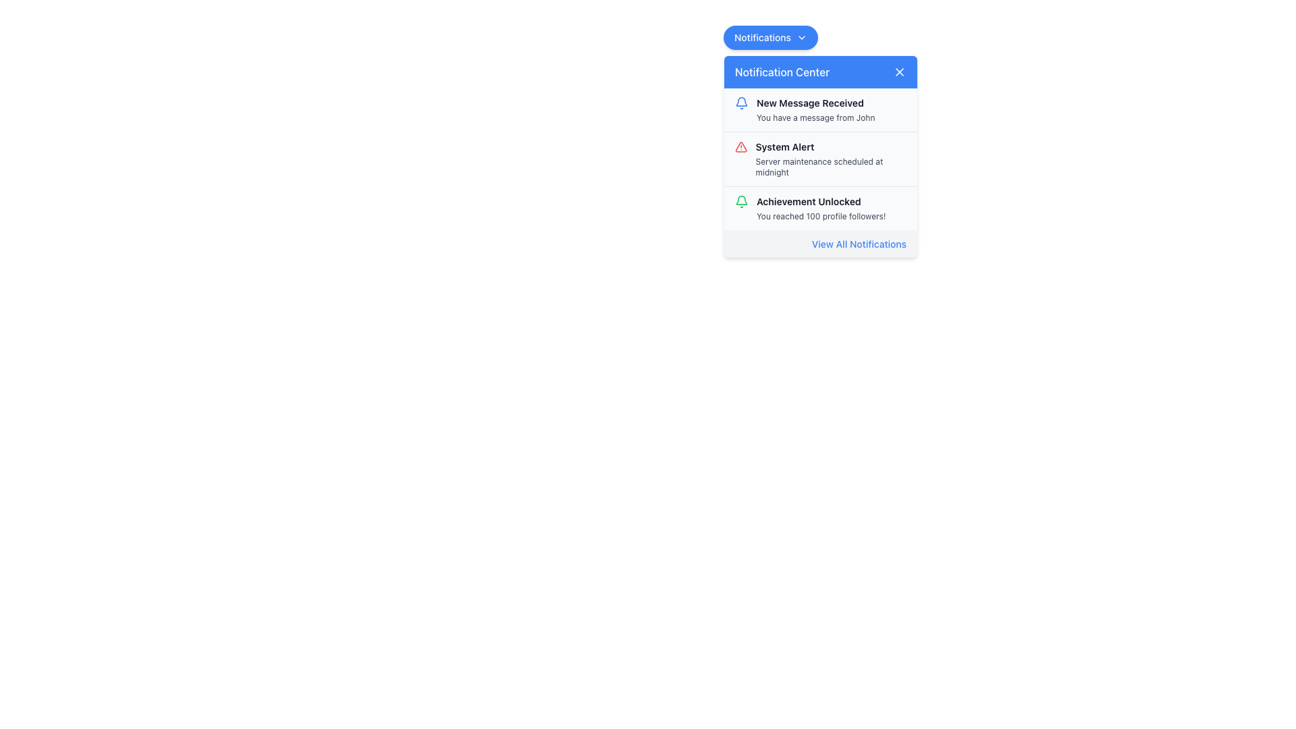 Image resolution: width=1296 pixels, height=729 pixels. I want to click on text content of the title label for the third notification entry in the Notification Center, which describes the achievement of reaching 100 profile followers, so click(820, 202).